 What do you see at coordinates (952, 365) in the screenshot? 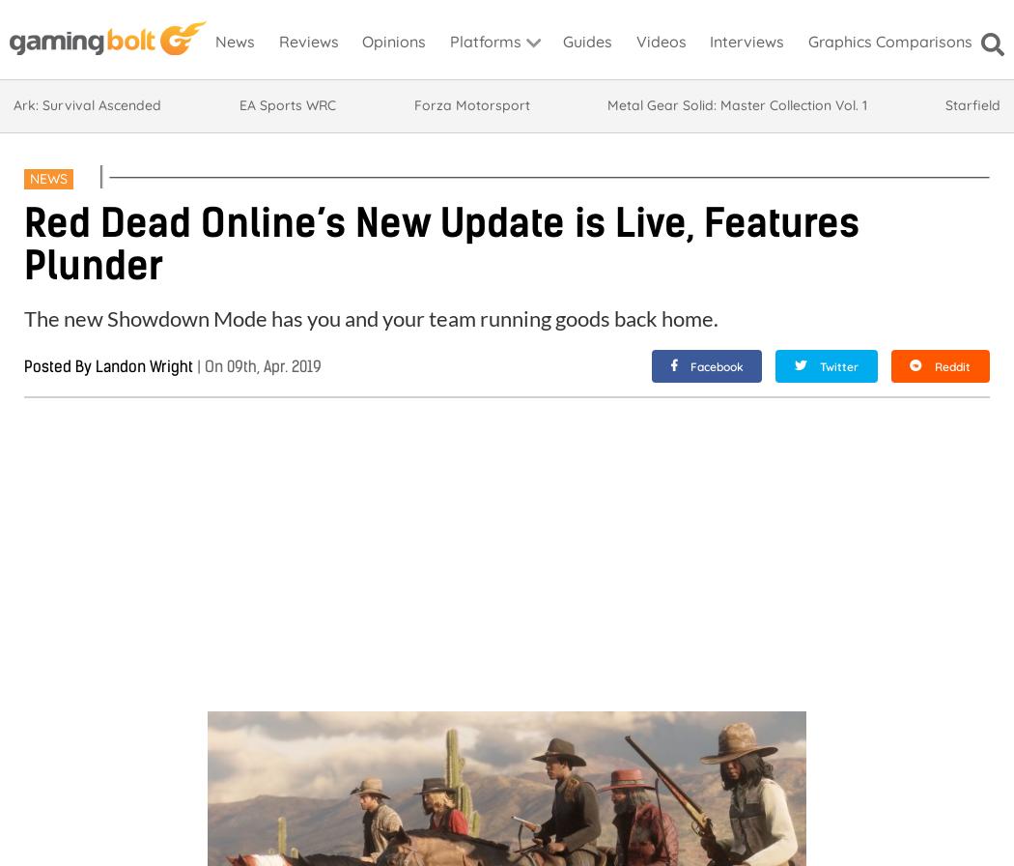
I see `'Reddit'` at bounding box center [952, 365].